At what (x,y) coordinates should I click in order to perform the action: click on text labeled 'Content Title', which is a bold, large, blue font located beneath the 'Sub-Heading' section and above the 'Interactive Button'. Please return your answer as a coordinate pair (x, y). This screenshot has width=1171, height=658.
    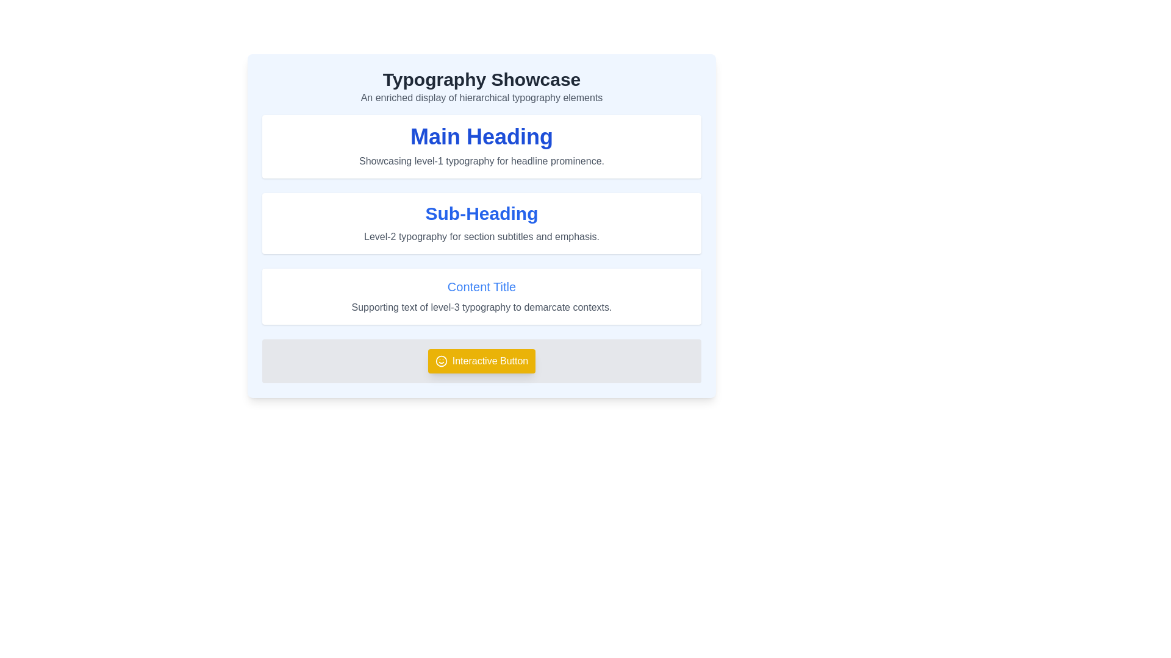
    Looking at the image, I should click on (481, 286).